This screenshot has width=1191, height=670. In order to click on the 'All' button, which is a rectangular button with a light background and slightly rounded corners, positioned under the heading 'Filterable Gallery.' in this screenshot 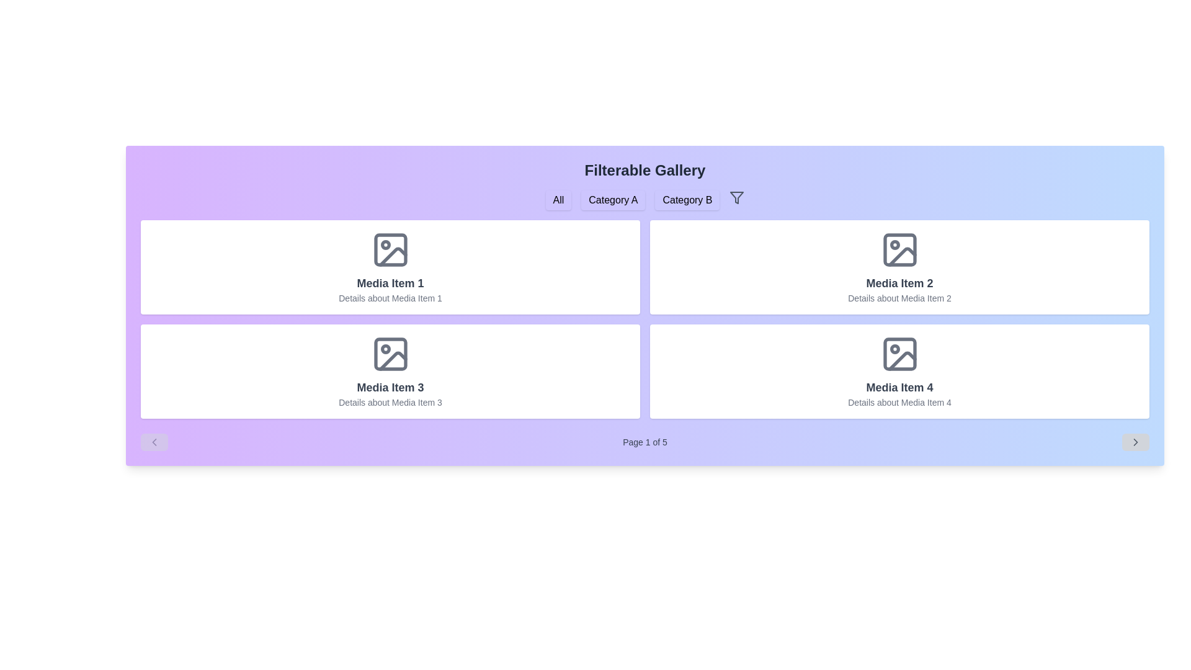, I will do `click(558, 200)`.